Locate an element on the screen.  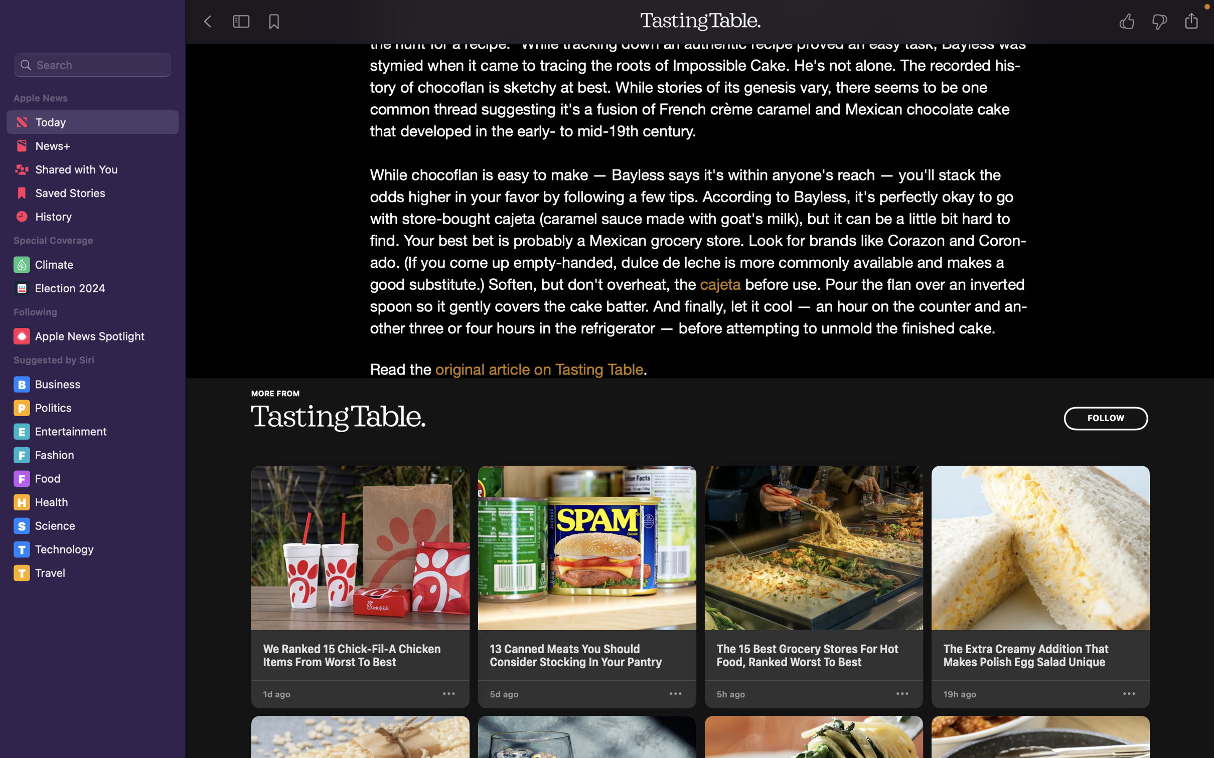
the options for the third story from Tasting Table is located at coordinates (901, 694).